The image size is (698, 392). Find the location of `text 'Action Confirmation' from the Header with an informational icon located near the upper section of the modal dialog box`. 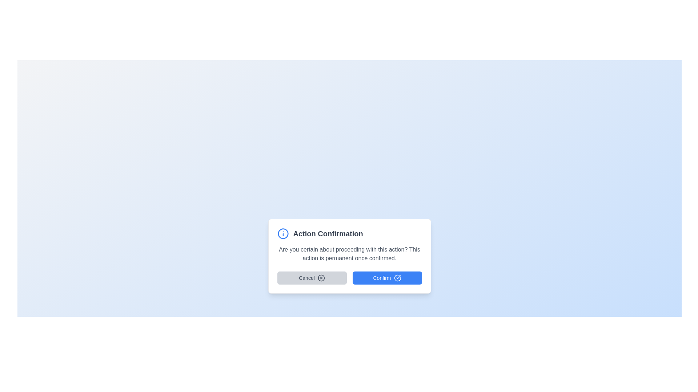

text 'Action Confirmation' from the Header with an informational icon located near the upper section of the modal dialog box is located at coordinates (349, 234).